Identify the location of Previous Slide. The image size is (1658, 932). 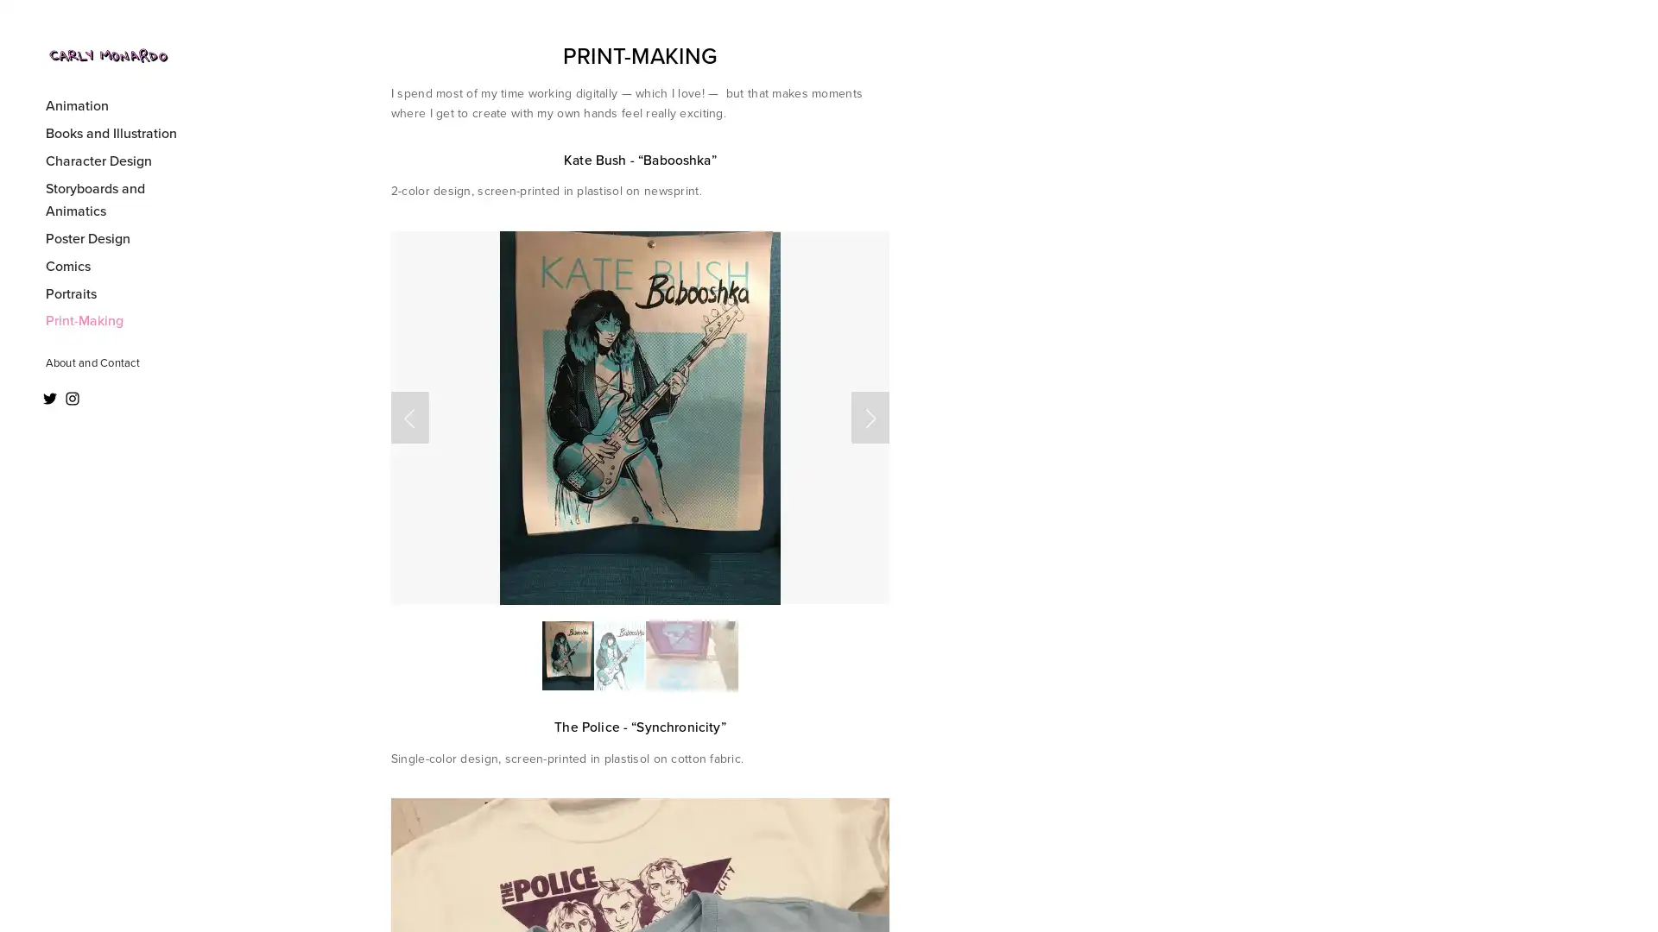
(408, 417).